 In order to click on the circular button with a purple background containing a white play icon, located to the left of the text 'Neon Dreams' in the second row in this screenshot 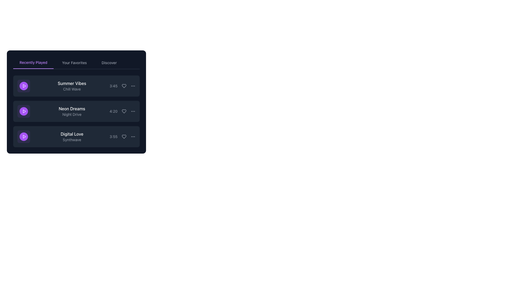, I will do `click(24, 111)`.